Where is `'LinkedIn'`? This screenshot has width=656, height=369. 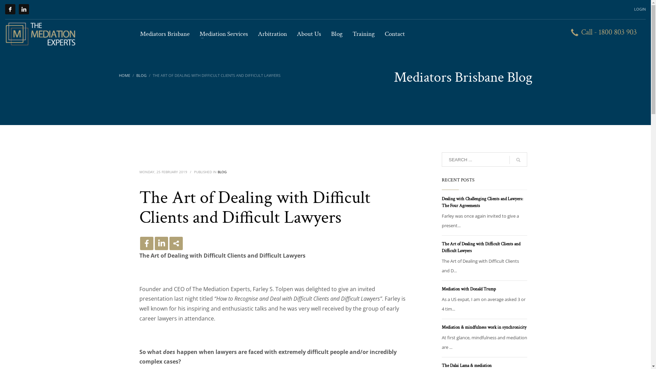
'LinkedIn' is located at coordinates (18, 9).